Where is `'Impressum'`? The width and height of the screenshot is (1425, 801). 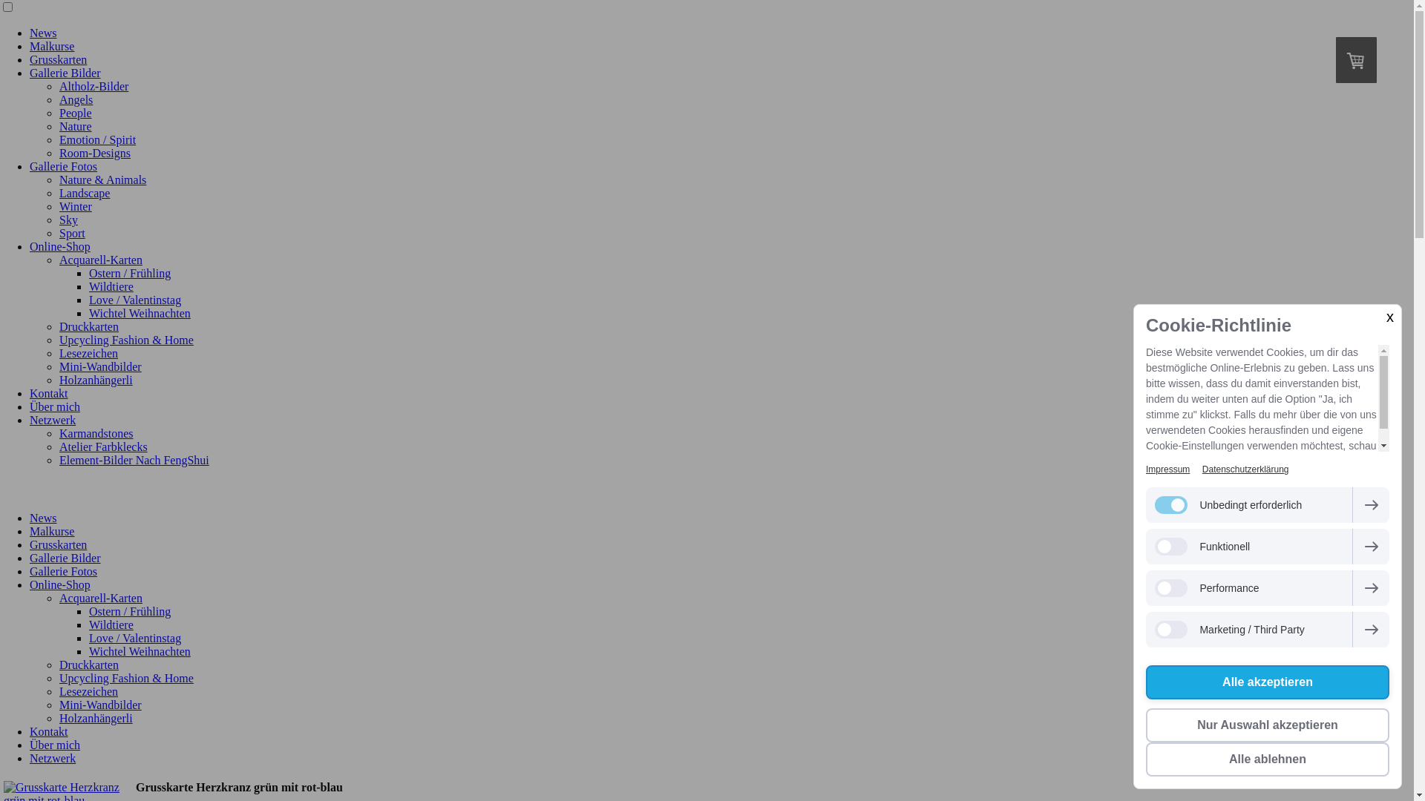
'Impressum' is located at coordinates (1167, 469).